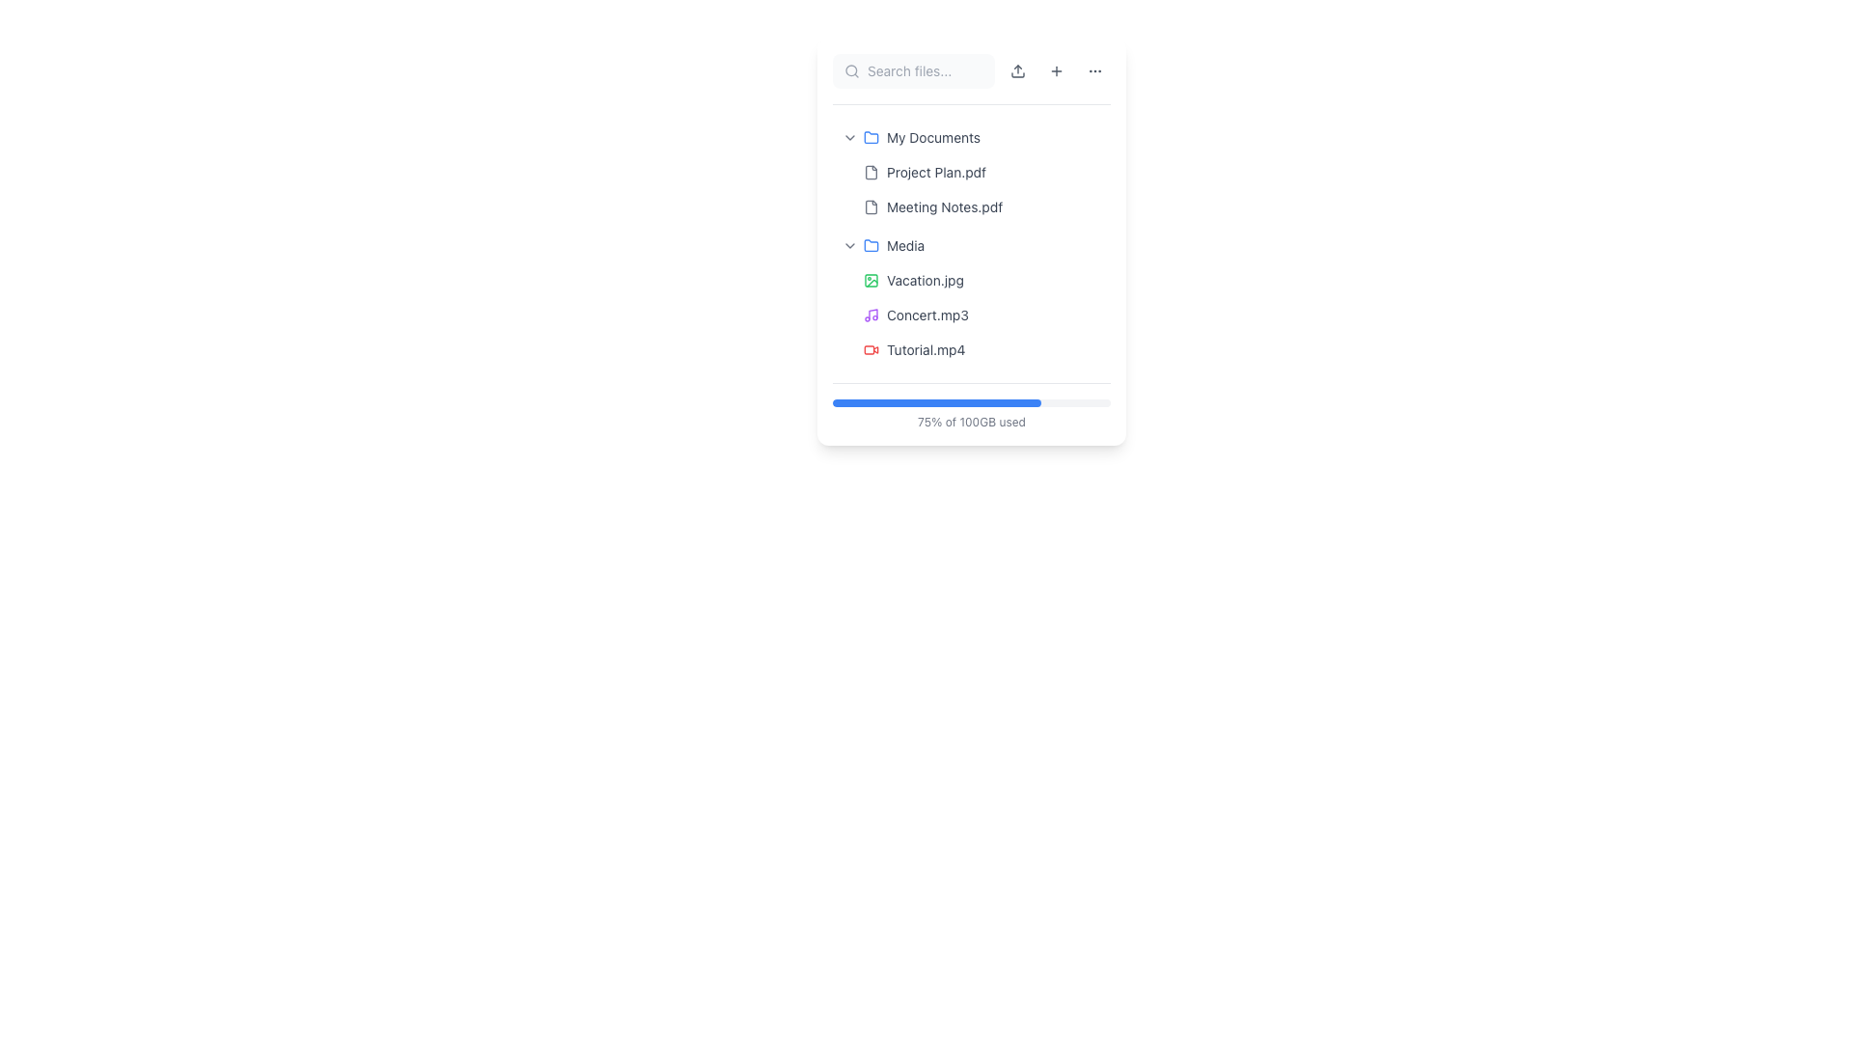 The height and width of the screenshot is (1042, 1853). I want to click on the text label displaying '75% of 100GB used.' which is positioned below the progress bar and centrally aligned in the layout panel, so click(972, 422).